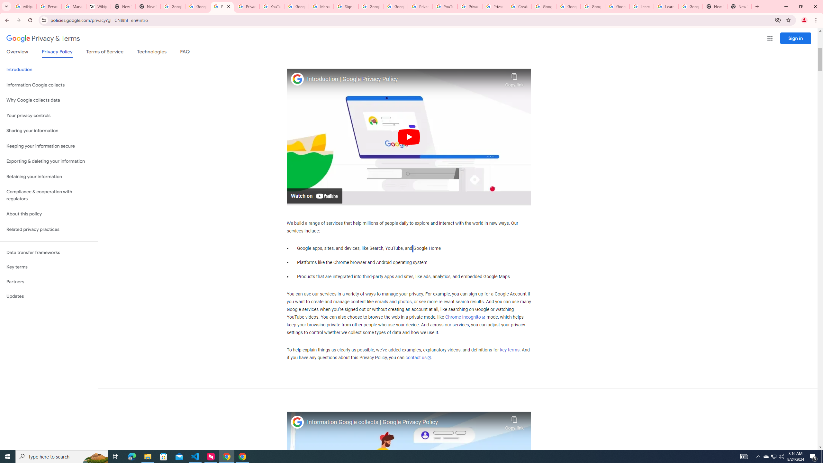  What do you see at coordinates (592, 6) in the screenshot?
I see `'Google Account Help'` at bounding box center [592, 6].